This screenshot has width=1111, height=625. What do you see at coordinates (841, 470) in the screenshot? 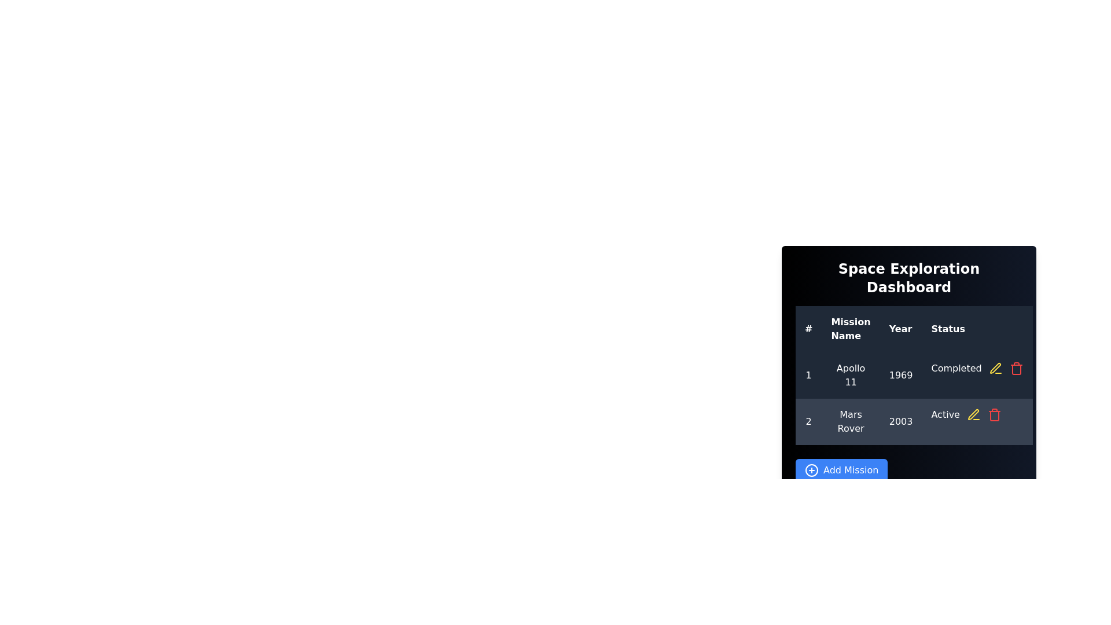
I see `the blue rectangular button with rounded corners labeled 'Add Mission' to observe its hover effect` at bounding box center [841, 470].